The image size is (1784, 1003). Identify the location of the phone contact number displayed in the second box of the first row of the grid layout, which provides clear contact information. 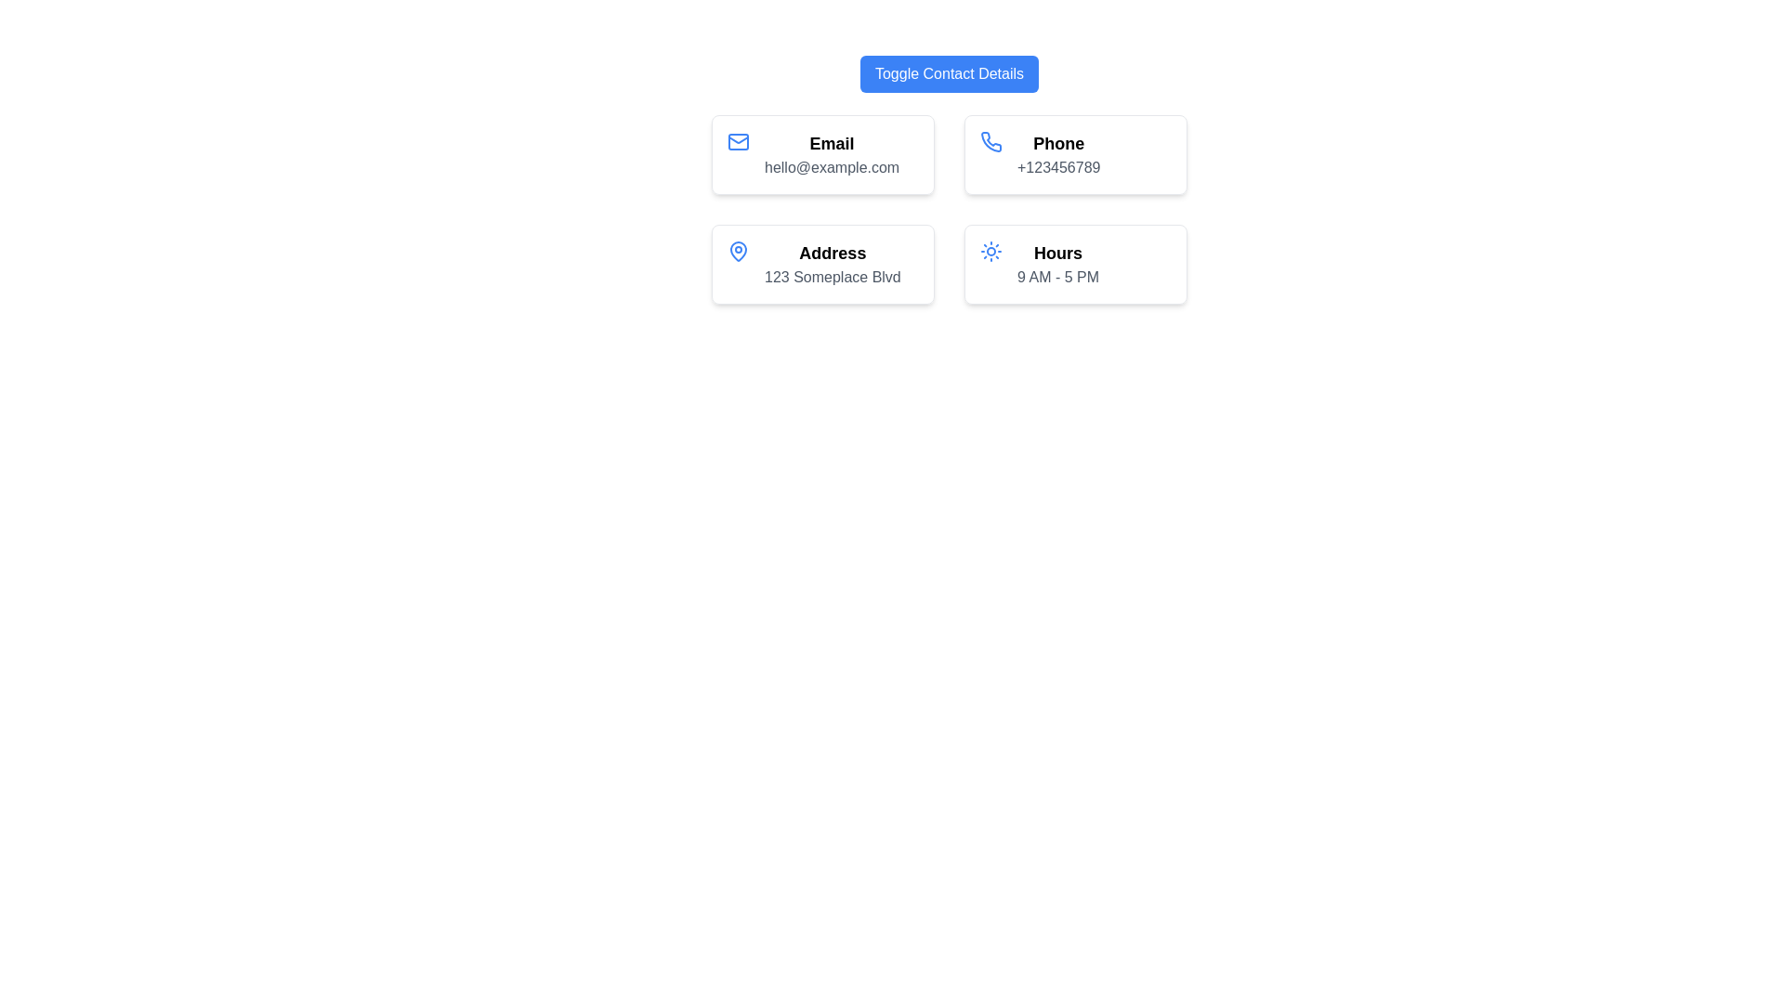
(1058, 153).